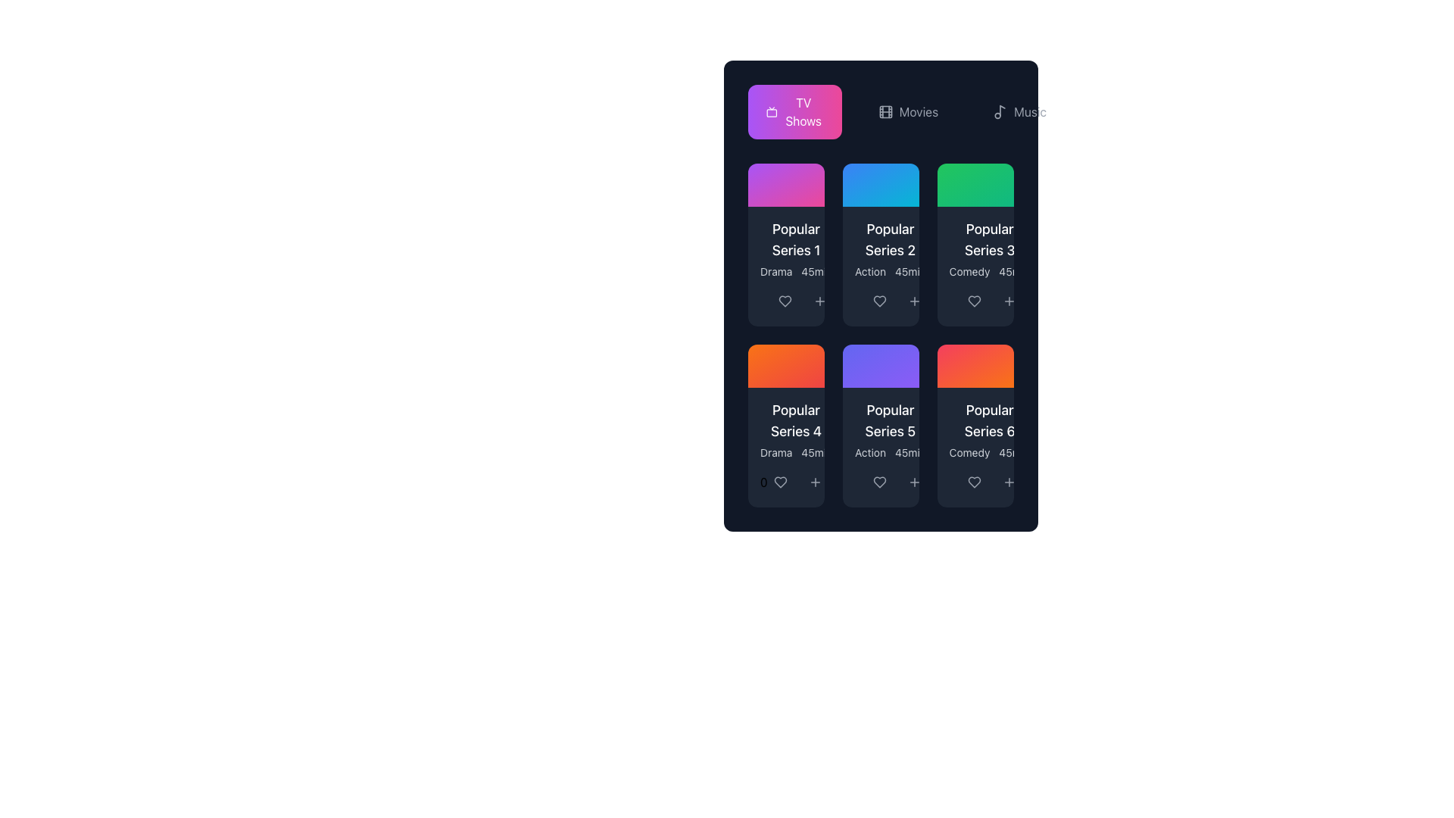 The height and width of the screenshot is (818, 1454). I want to click on the plus icon on the series card located in the second column of the first row of the grid layout, so click(881, 265).